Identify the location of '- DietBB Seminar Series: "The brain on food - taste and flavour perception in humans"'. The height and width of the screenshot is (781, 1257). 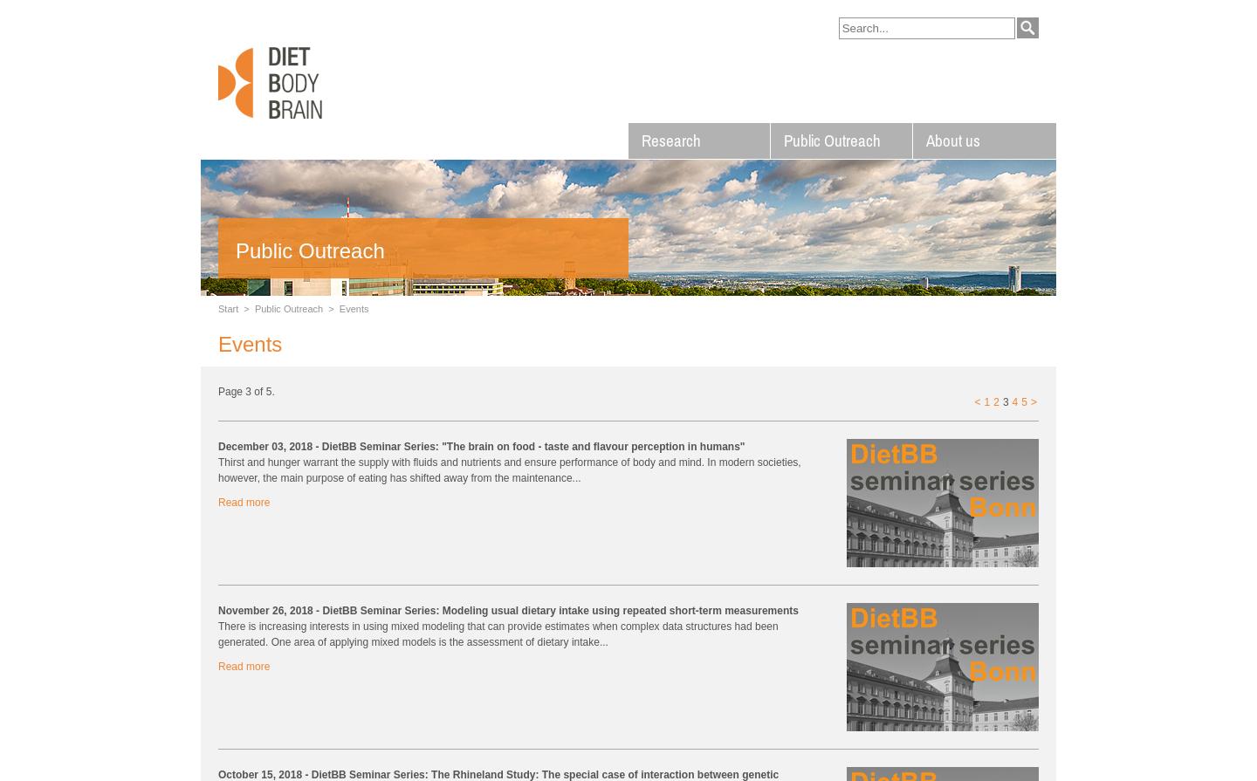
(528, 444).